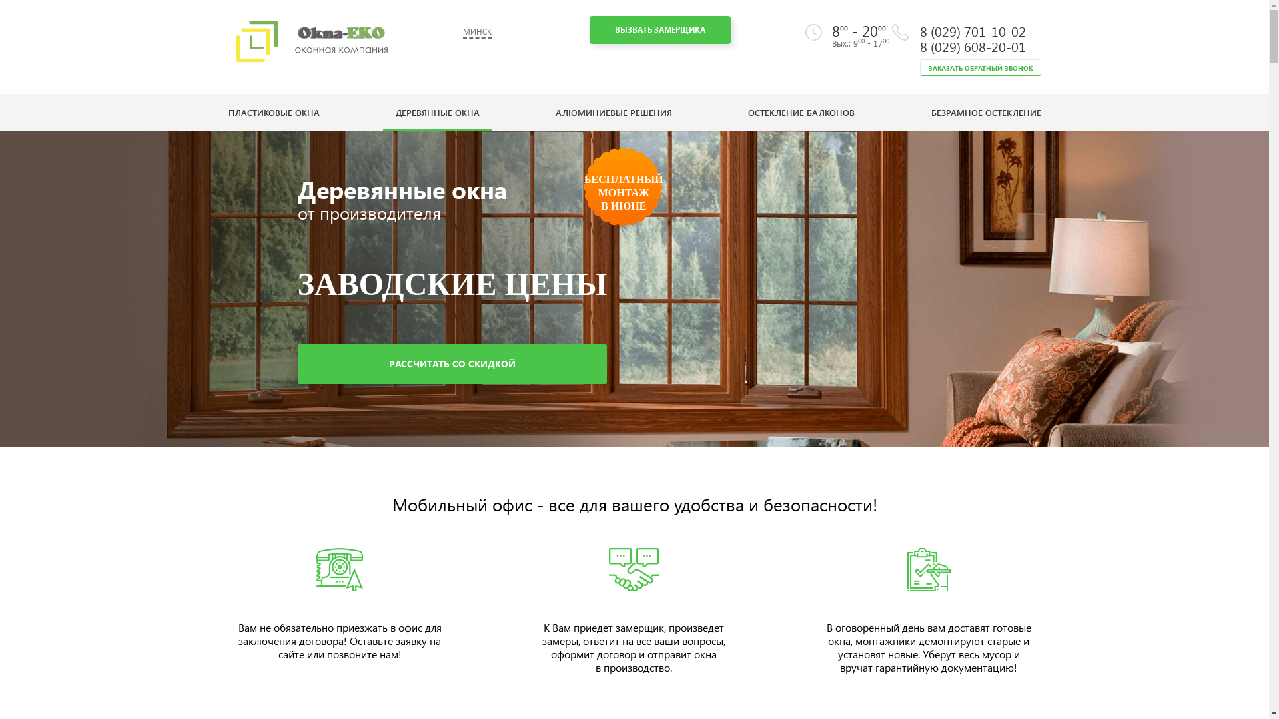  I want to click on '8 (029) 608-20-01', so click(972, 45).